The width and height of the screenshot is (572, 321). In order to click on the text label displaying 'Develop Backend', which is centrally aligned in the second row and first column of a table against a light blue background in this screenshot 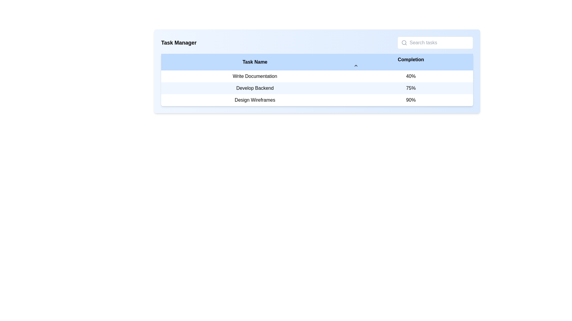, I will do `click(255, 88)`.